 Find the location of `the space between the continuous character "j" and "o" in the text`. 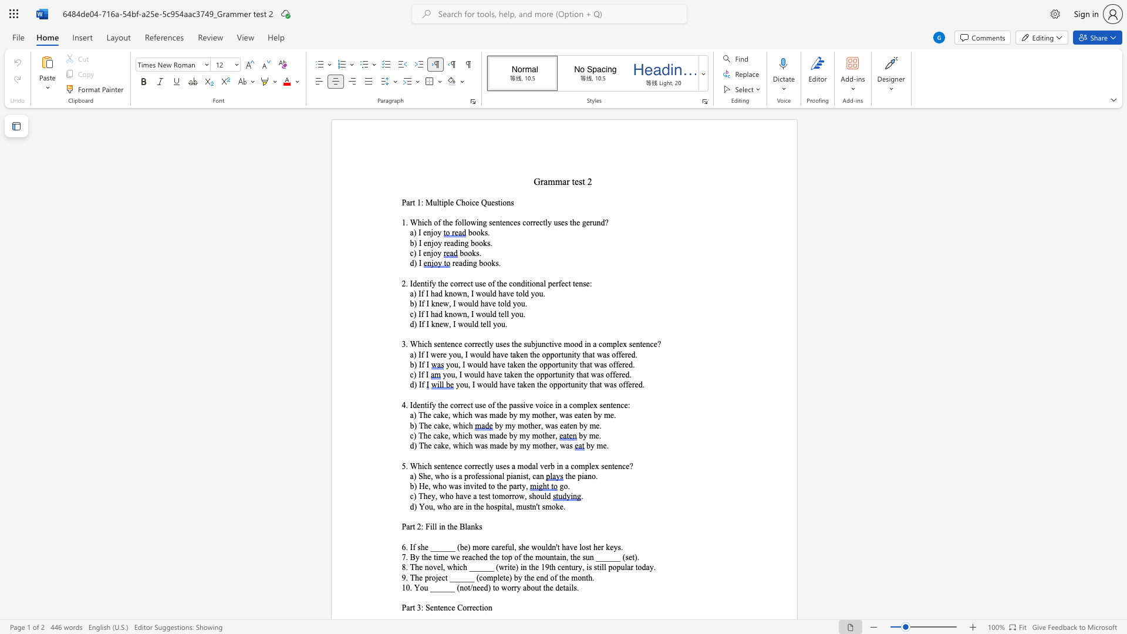

the space between the continuous character "j" and "o" in the text is located at coordinates (433, 233).